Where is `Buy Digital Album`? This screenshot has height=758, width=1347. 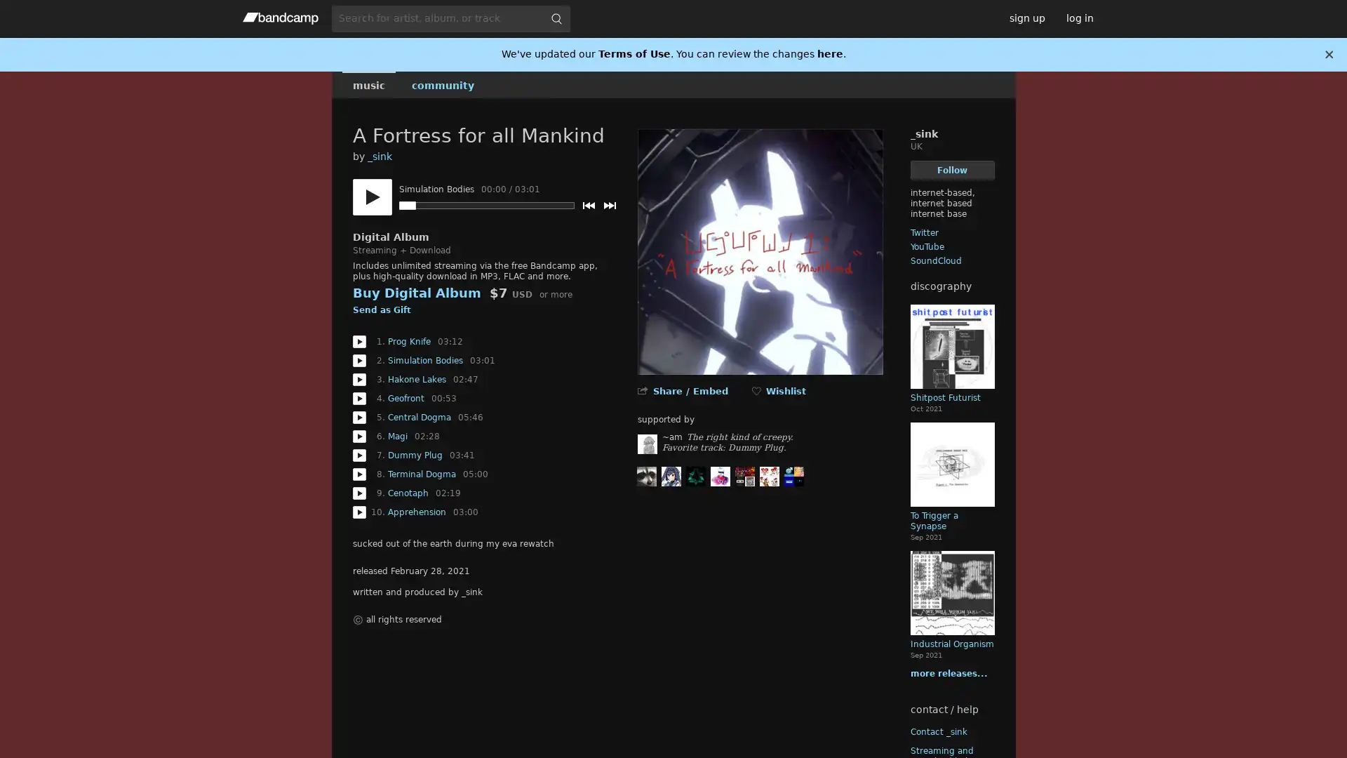
Buy Digital Album is located at coordinates (415, 292).